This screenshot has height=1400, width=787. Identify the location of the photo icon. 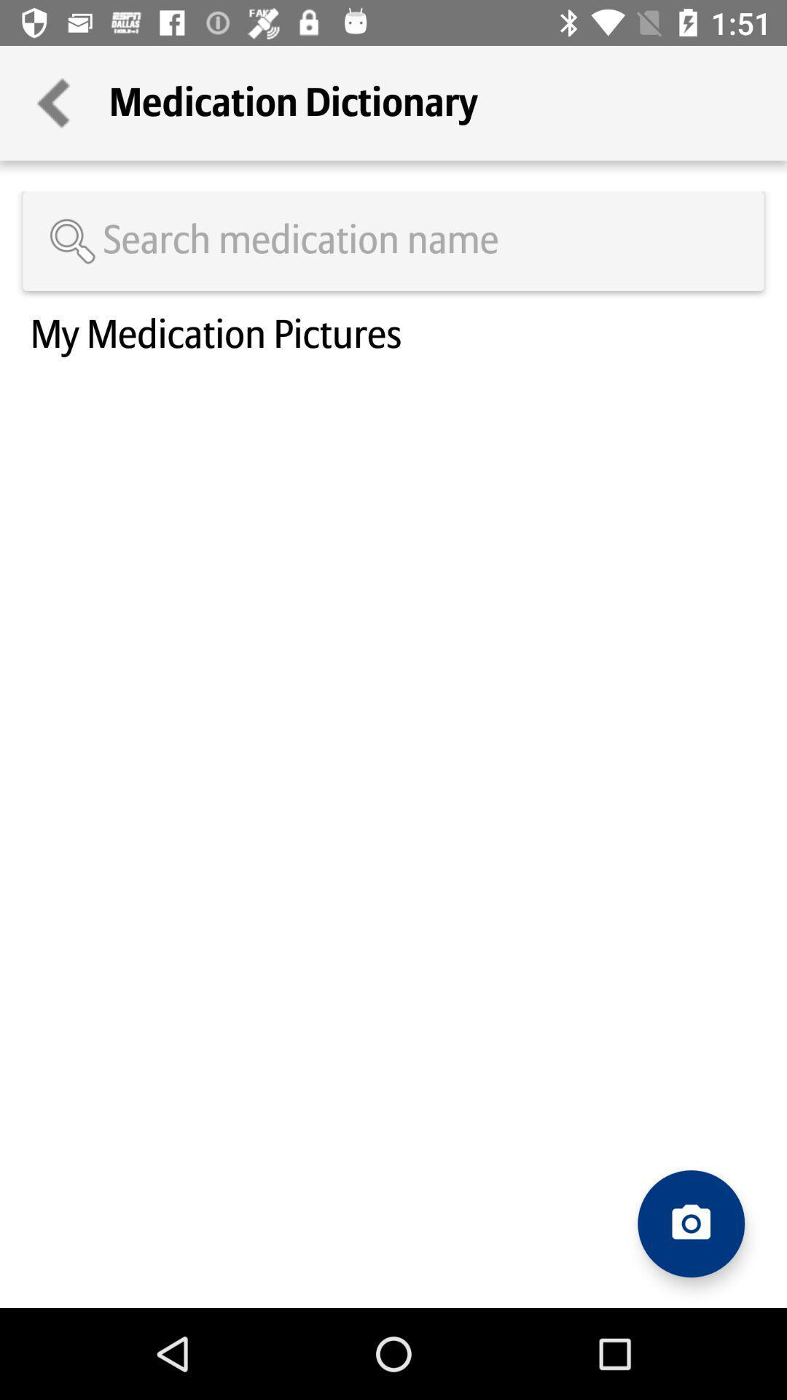
(690, 1224).